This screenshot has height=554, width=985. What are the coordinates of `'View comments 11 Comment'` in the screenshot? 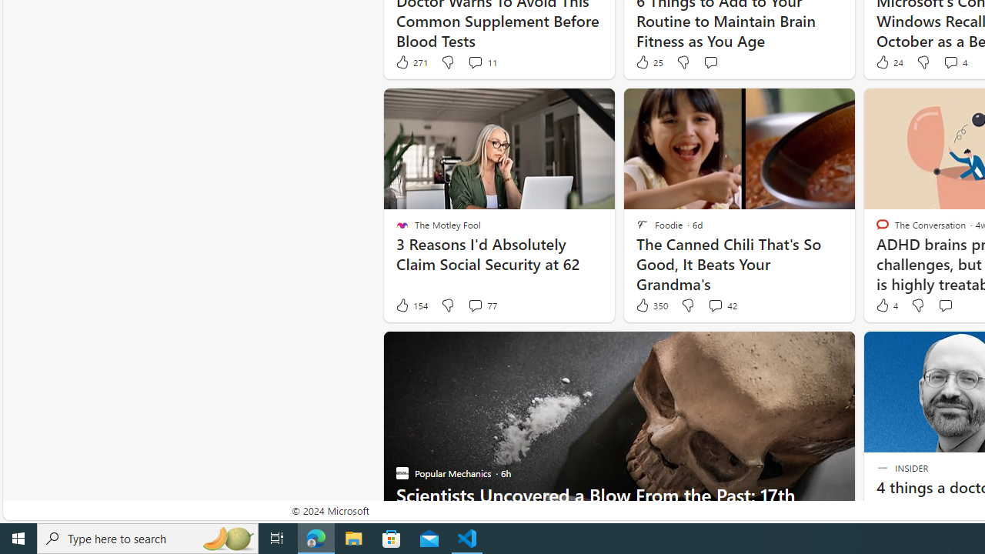 It's located at (474, 62).